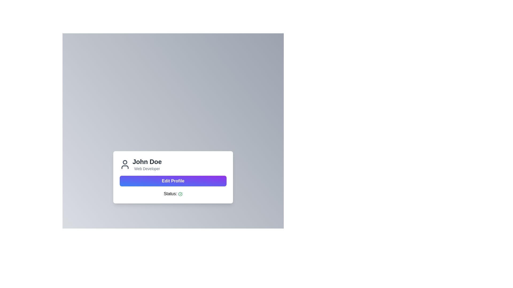 This screenshot has width=513, height=288. I want to click on the edit profile button located below the name 'John Doe' and the title 'Web Developer', above the text 'Status:', by, so click(173, 181).